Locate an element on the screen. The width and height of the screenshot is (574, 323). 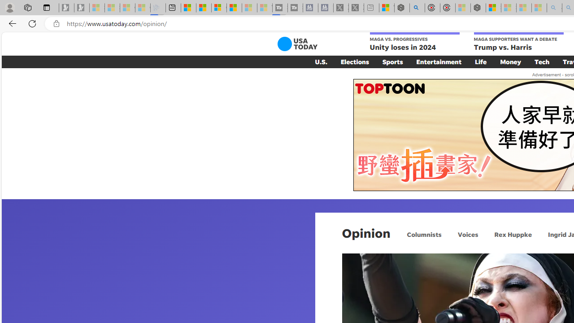
'Newsletter Sign Up - Sleeping' is located at coordinates (82, 8).